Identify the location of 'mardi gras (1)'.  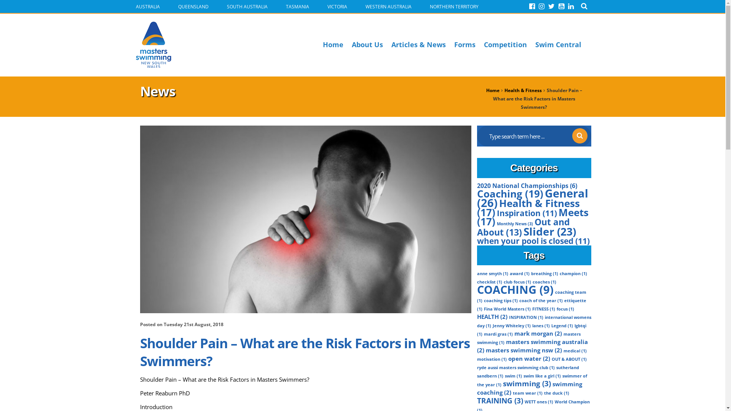
(498, 334).